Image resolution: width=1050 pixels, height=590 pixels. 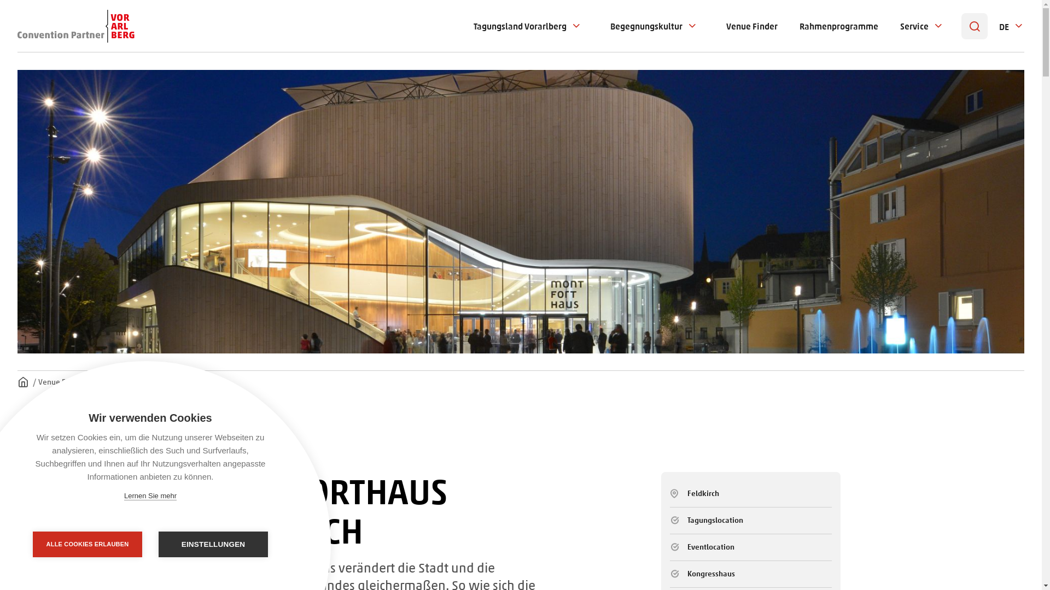 What do you see at coordinates (75, 25) in the screenshot?
I see `'Convention Partner Vorarlberg Logo'` at bounding box center [75, 25].